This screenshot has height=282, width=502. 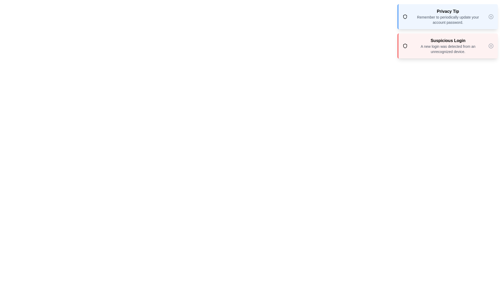 What do you see at coordinates (490, 46) in the screenshot?
I see `close icon of the notification with title Suspicious Login` at bounding box center [490, 46].